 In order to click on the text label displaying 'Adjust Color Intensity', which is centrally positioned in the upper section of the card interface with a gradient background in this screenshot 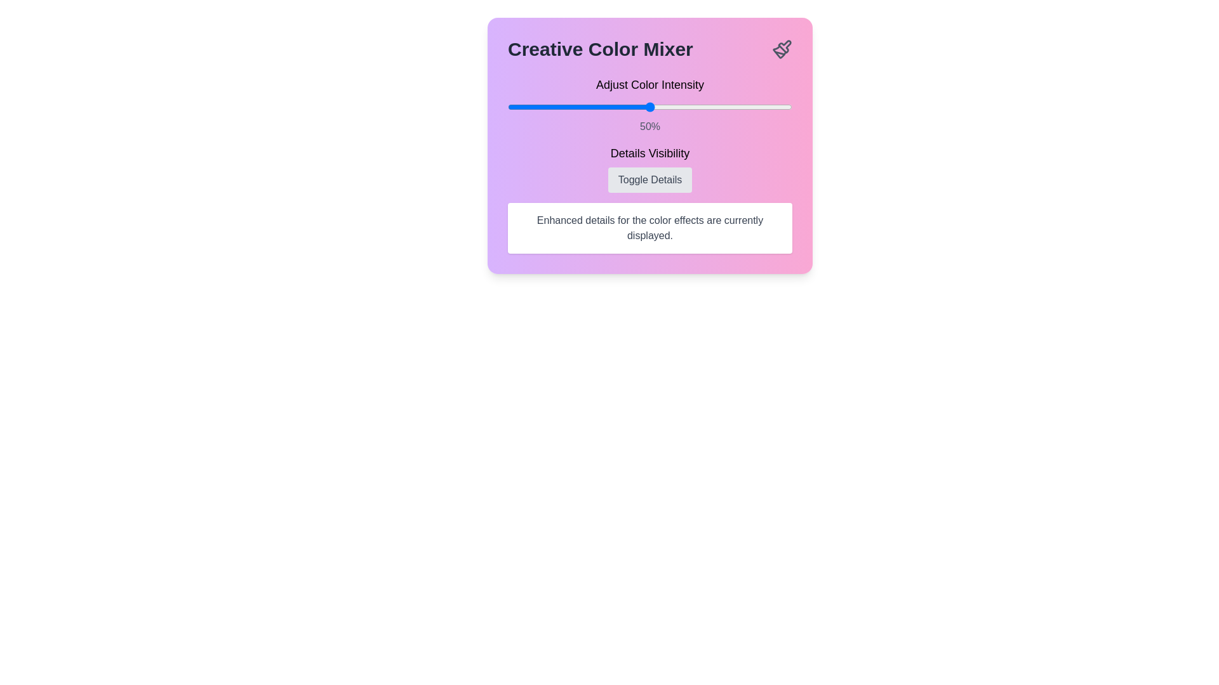, I will do `click(649, 85)`.